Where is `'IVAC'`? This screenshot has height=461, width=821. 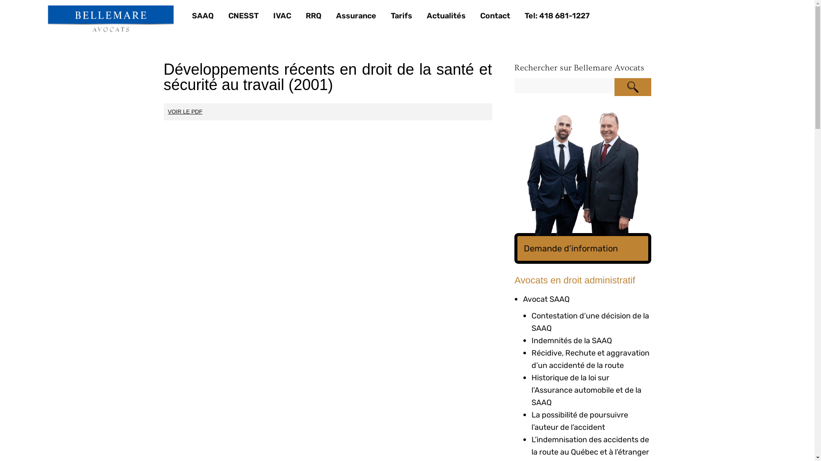
'IVAC' is located at coordinates (282, 16).